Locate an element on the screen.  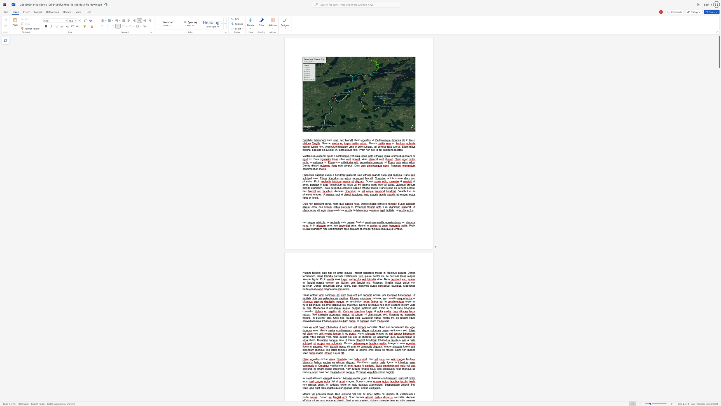
the 1th character "n" in the text is located at coordinates (402, 350).